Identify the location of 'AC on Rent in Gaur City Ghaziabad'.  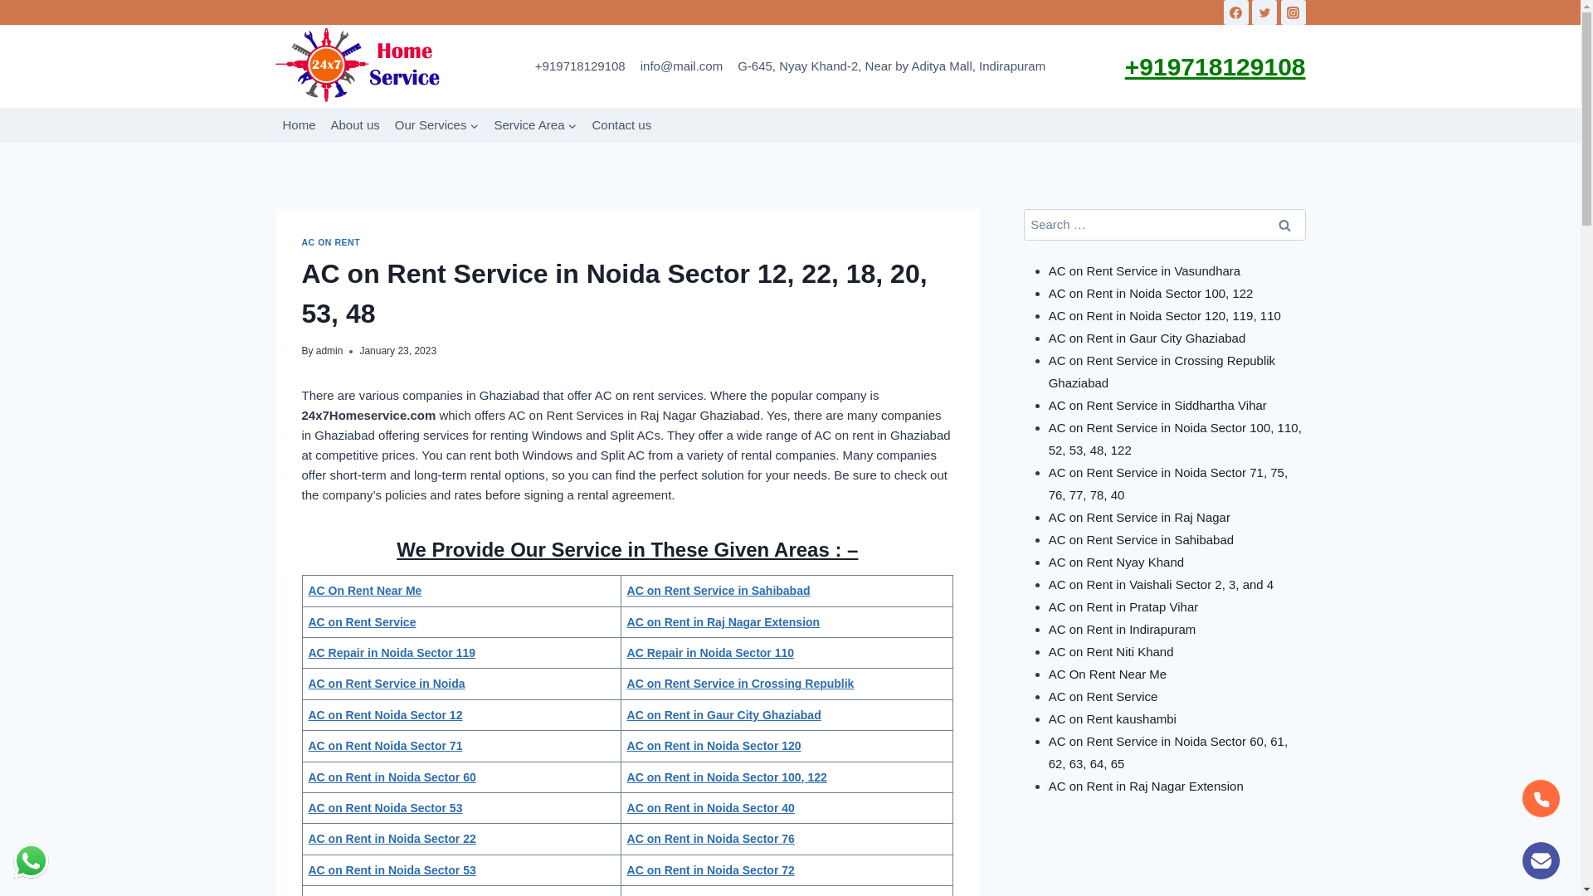
(724, 713).